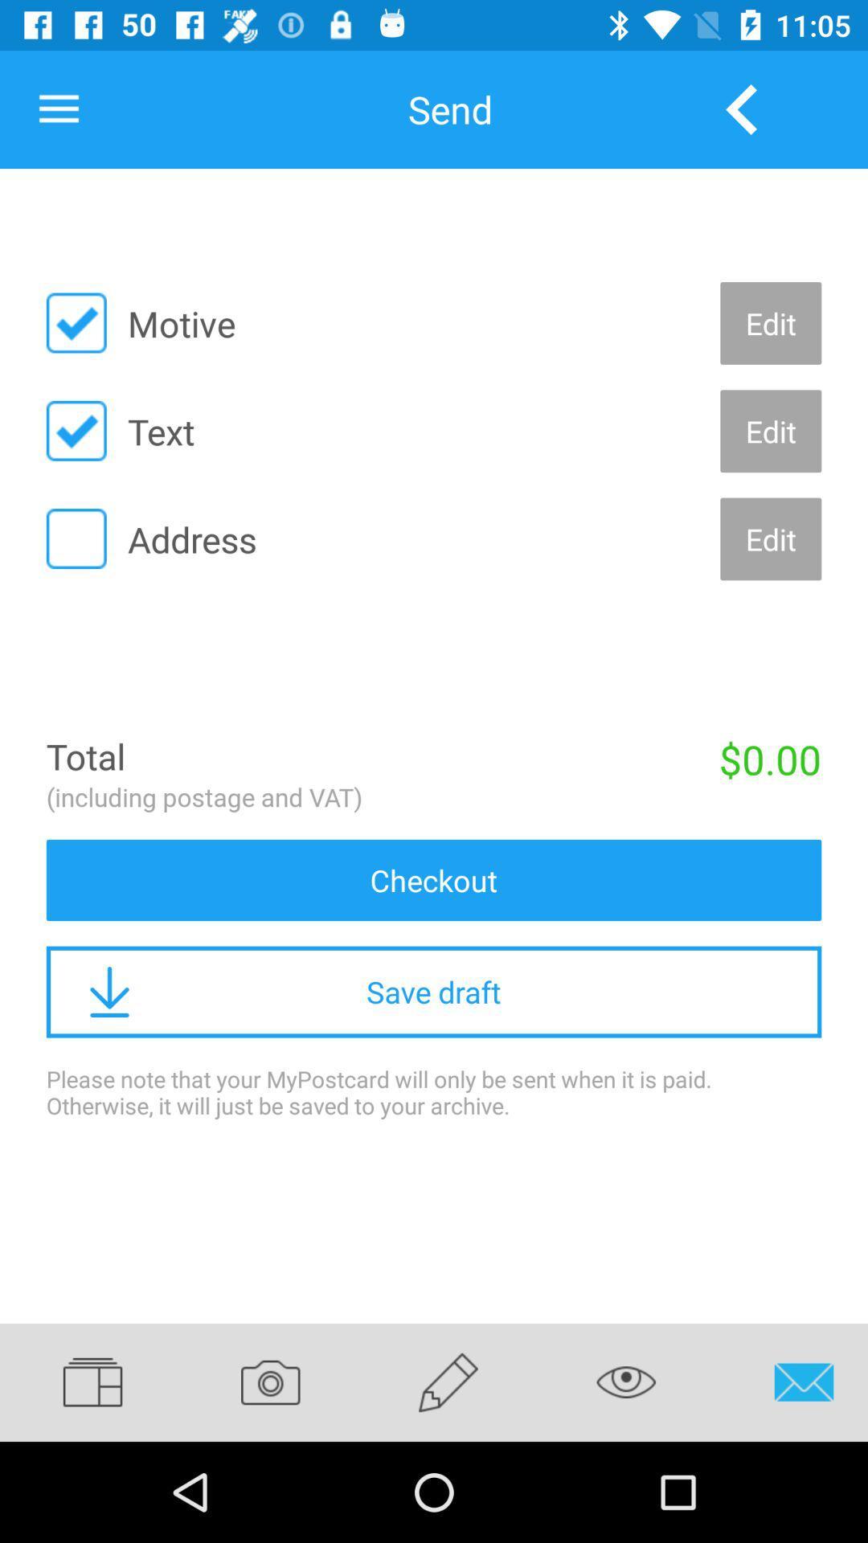 The height and width of the screenshot is (1543, 868). Describe the element at coordinates (448, 1381) in the screenshot. I see `the icon below please note that icon` at that location.